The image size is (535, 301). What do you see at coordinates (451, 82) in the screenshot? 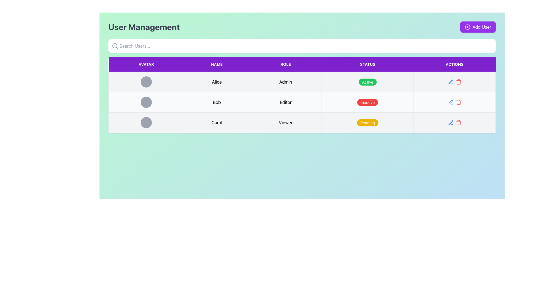
I see `the SVG icon representing 'Edit' functionality located in the second column under the 'Actions' header in the row associated with 'Bob'` at bounding box center [451, 82].